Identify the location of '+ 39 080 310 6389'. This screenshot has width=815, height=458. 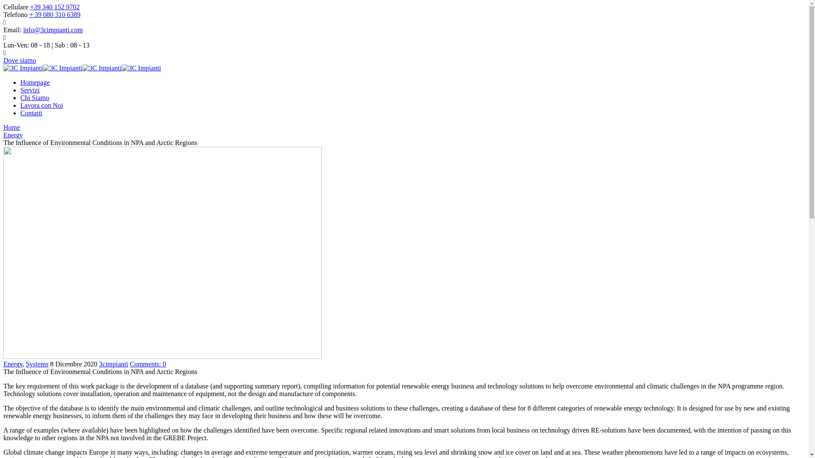
(54, 14).